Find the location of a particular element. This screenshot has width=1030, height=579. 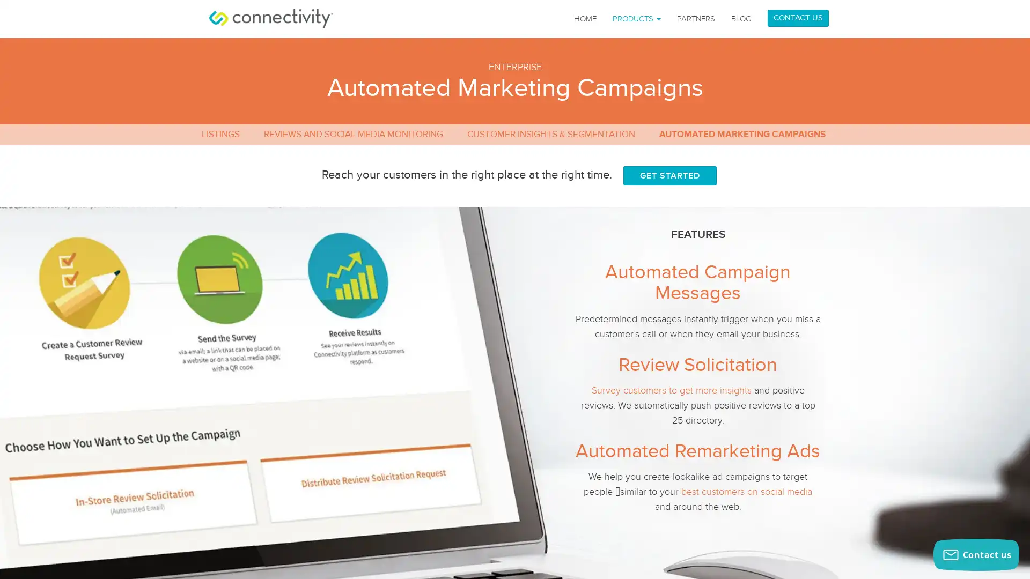

Contact us is located at coordinates (976, 554).